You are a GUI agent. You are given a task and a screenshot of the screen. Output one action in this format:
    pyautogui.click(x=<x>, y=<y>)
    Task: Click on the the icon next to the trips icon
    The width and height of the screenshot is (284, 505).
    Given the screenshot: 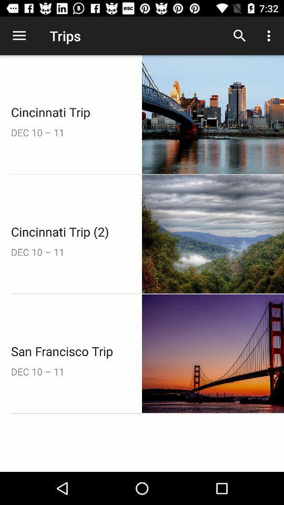 What is the action you would take?
    pyautogui.click(x=19, y=36)
    